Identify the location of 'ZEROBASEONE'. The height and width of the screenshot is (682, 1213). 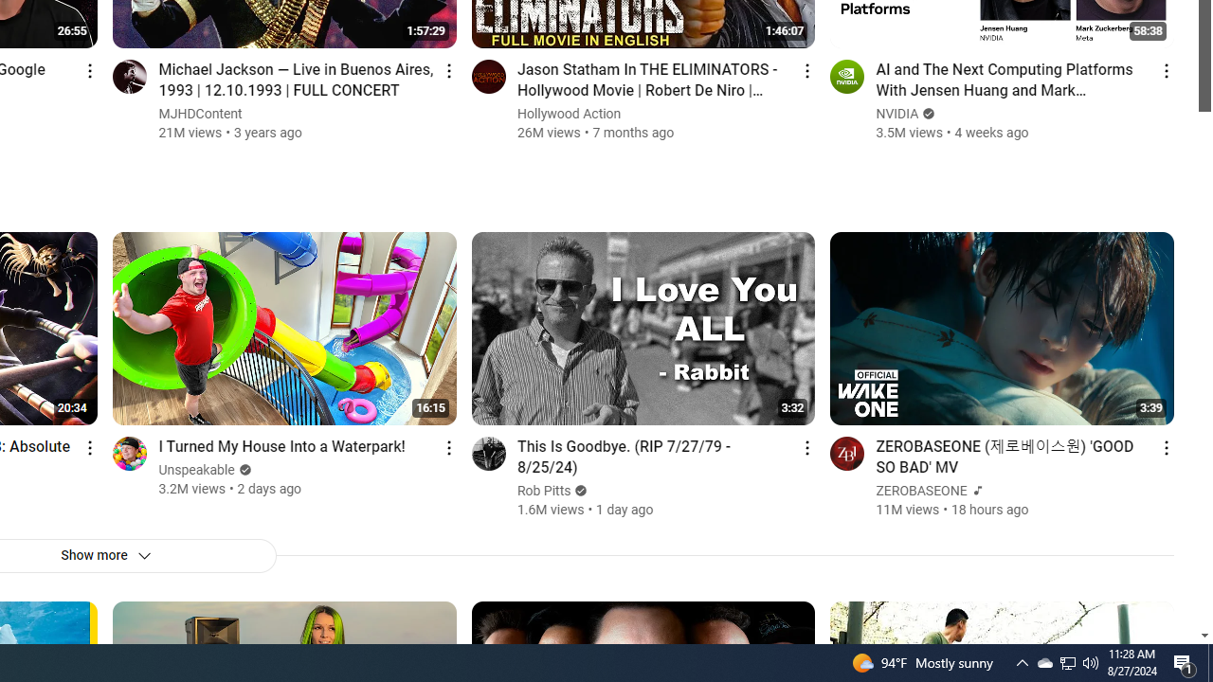
(922, 490).